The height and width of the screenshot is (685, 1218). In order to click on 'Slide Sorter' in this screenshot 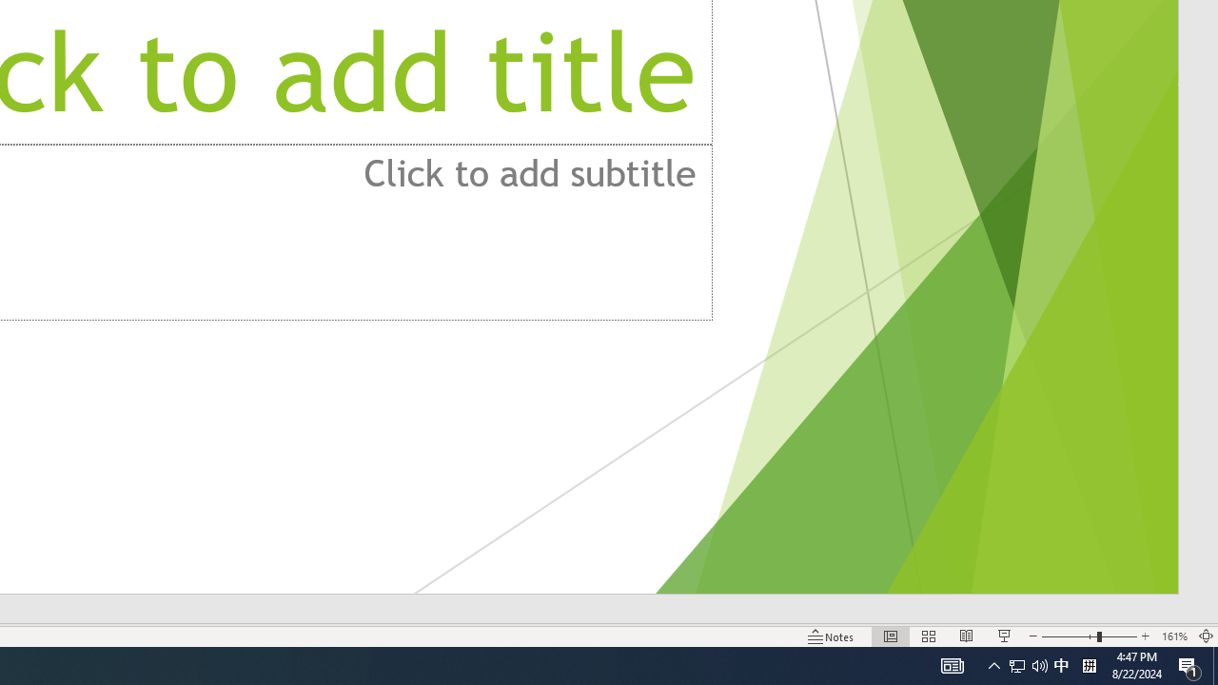, I will do `click(929, 636)`.